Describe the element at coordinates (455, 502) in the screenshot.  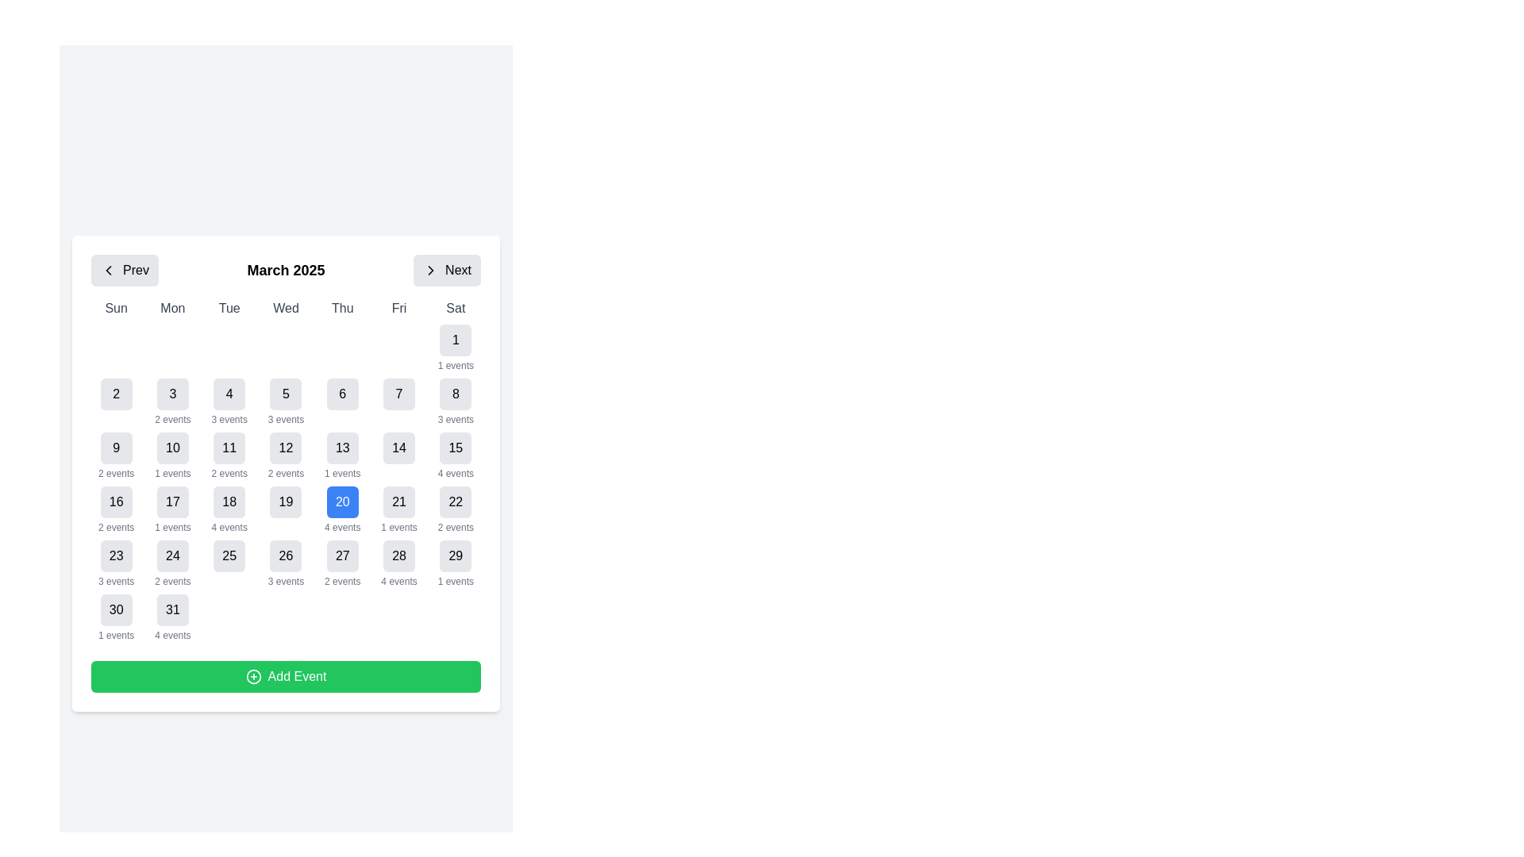
I see `the Interactive calendar date element for March 22, 2025` at that location.